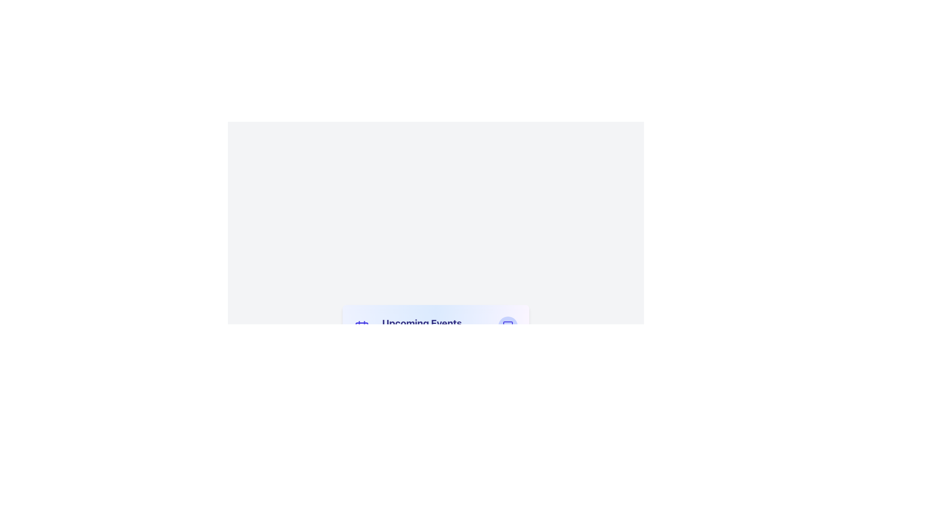  What do you see at coordinates (422, 327) in the screenshot?
I see `Section Header titled 'Upcoming Events' which displays a subtitle 'Track your events effectively' in a purple color scheme` at bounding box center [422, 327].